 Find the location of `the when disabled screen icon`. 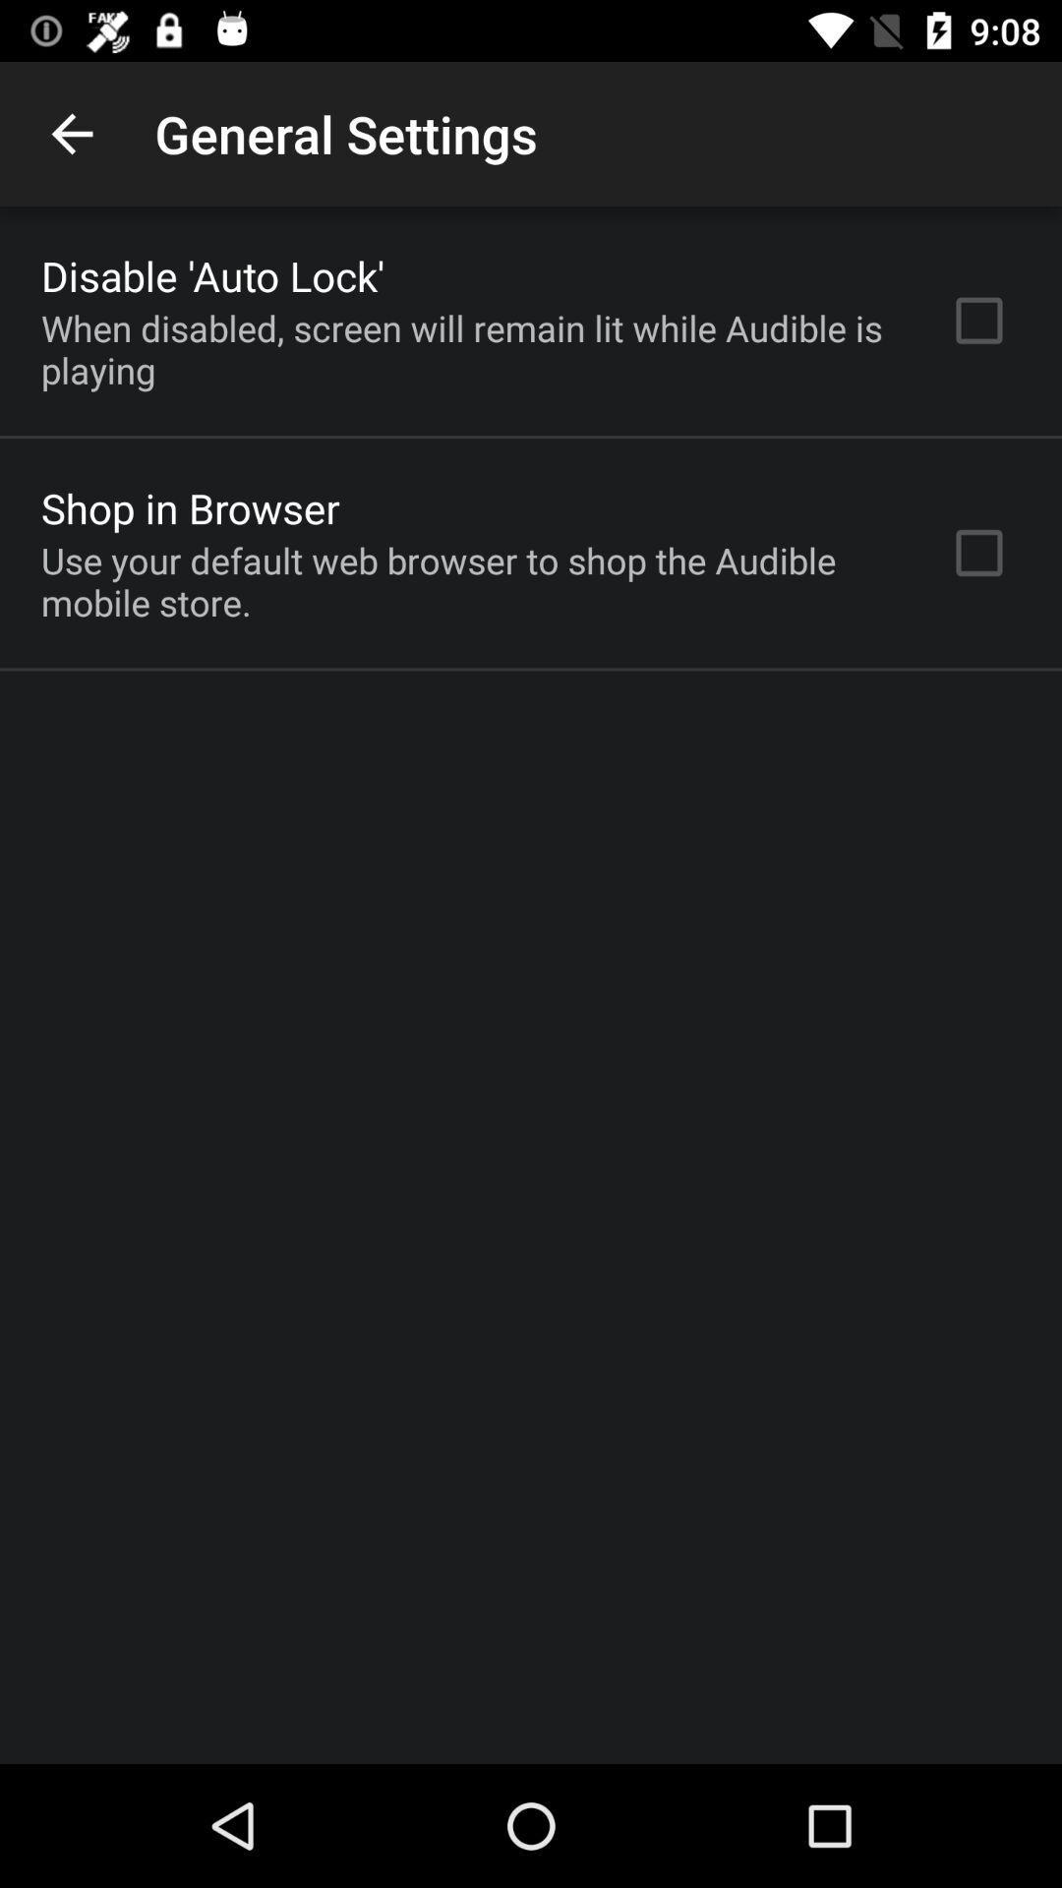

the when disabled screen icon is located at coordinates (469, 349).